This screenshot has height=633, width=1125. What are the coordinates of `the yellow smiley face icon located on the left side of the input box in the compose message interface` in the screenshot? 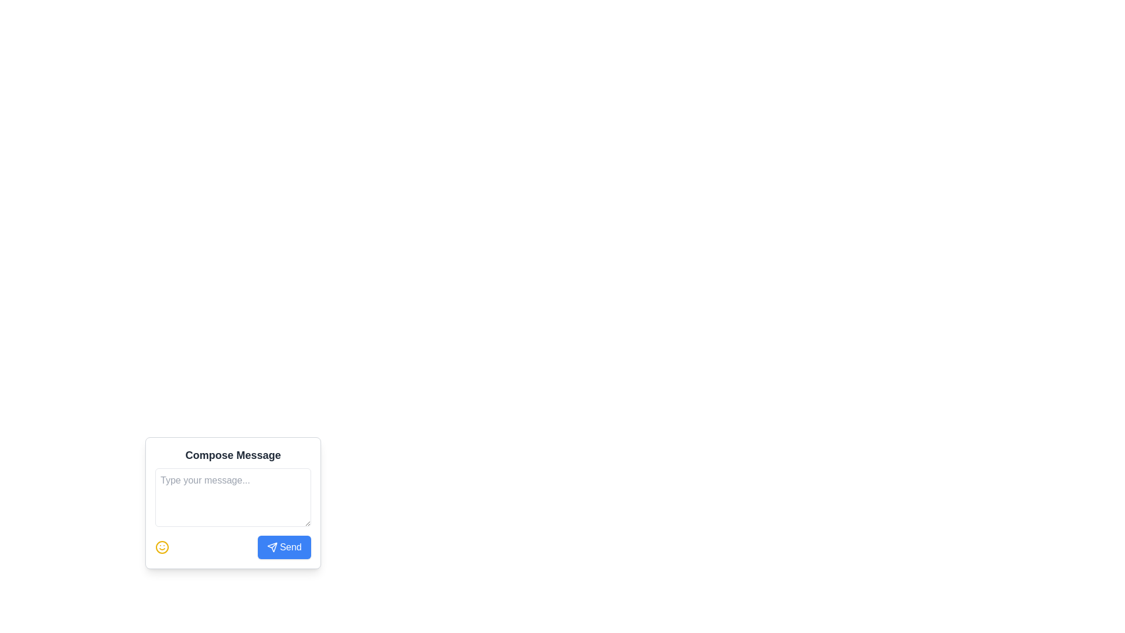 It's located at (162, 547).